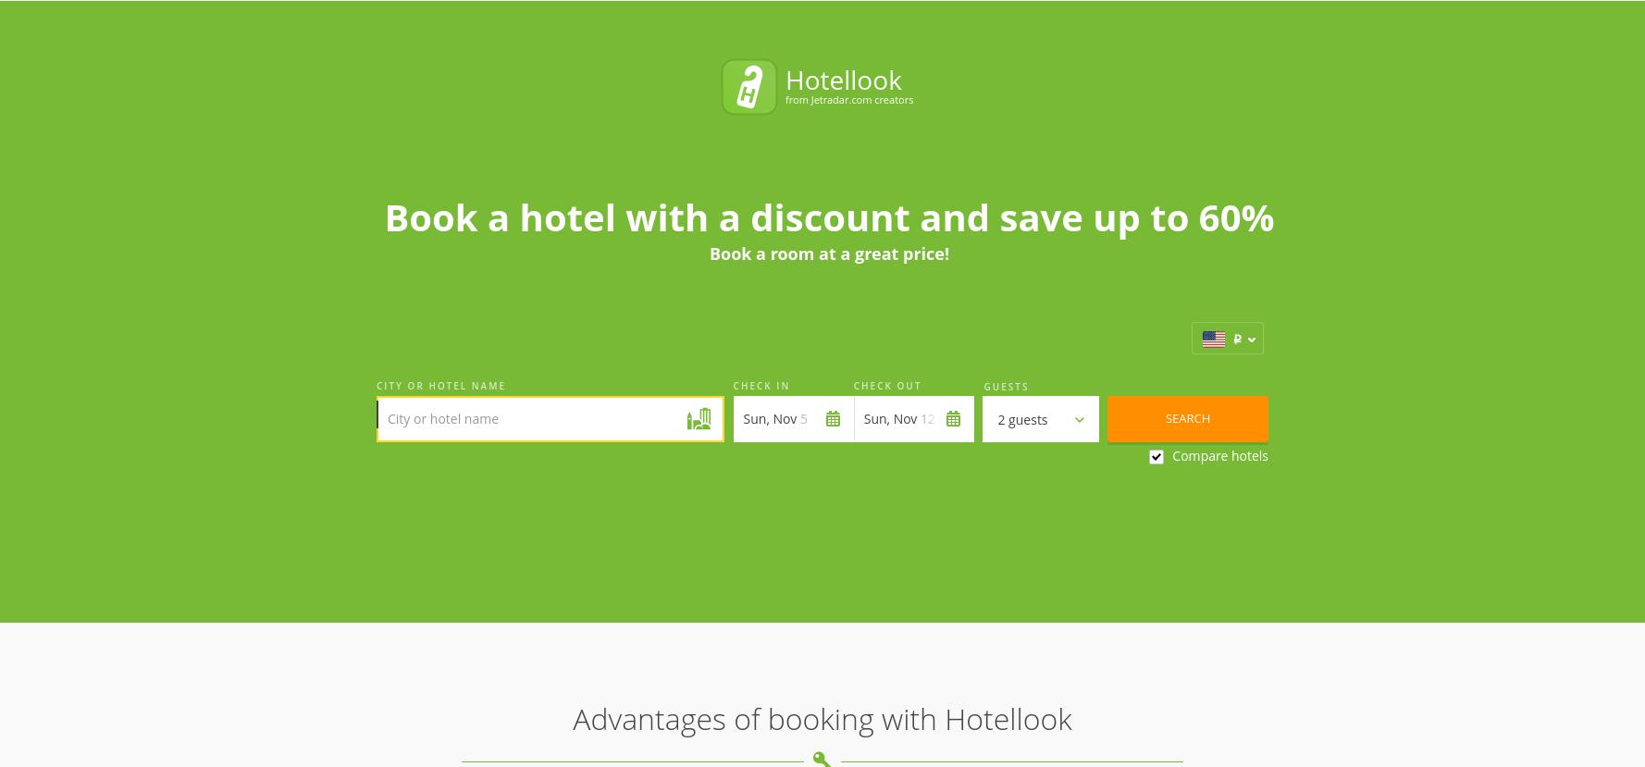  Describe the element at coordinates (920, 539) in the screenshot. I see `'Room prices change constantly. Subscribe for price alerts to stay informed of any price changes for the hotel of your choice.'` at that location.